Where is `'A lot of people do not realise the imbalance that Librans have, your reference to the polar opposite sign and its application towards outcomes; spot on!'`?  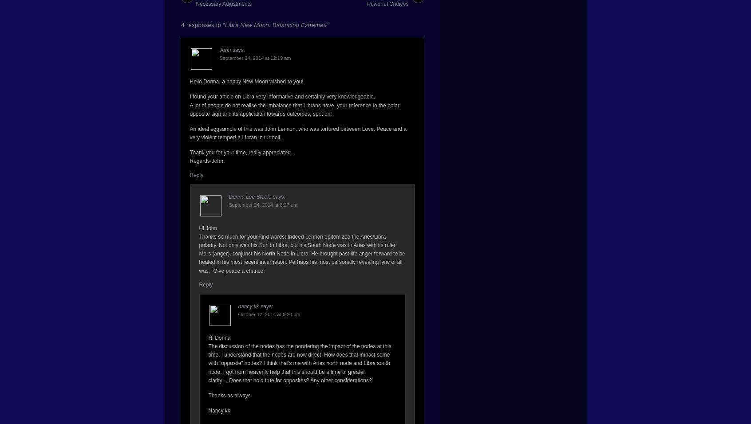
'A lot of people do not realise the imbalance that Librans have, your reference to the polar opposite sign and its application towards outcomes; spot on!' is located at coordinates (294, 109).